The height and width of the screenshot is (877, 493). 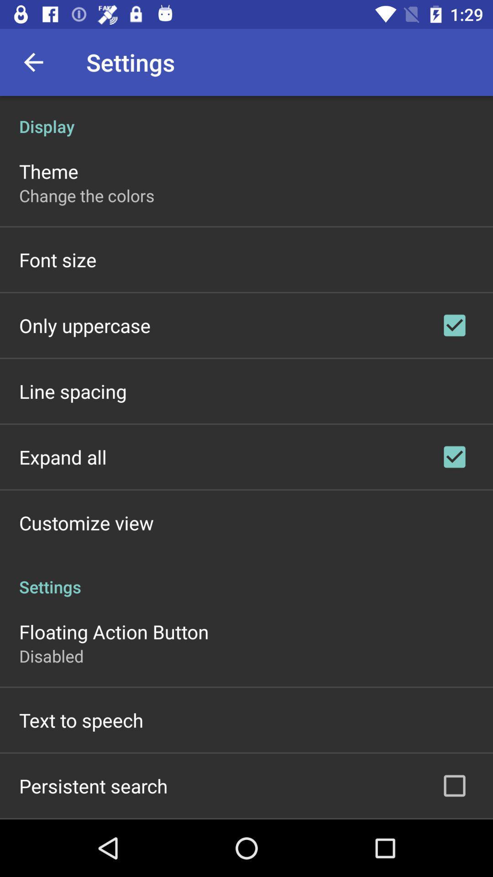 What do you see at coordinates (246, 116) in the screenshot?
I see `the display` at bounding box center [246, 116].